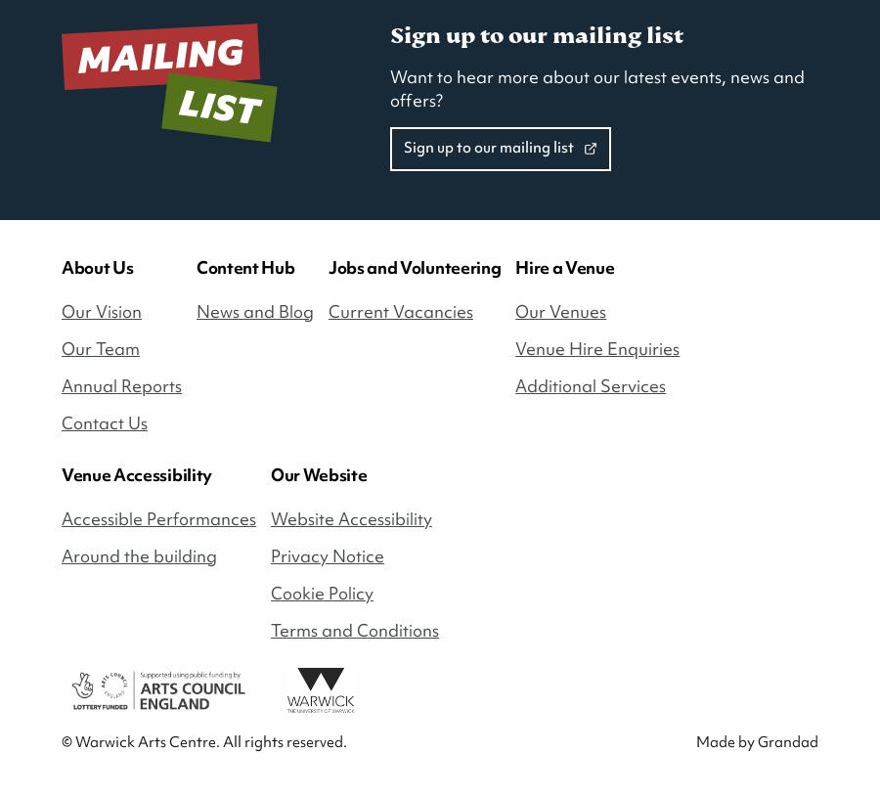 The image size is (880, 797). I want to click on '© Warwick Arts Centre. All rights reserved.', so click(61, 741).